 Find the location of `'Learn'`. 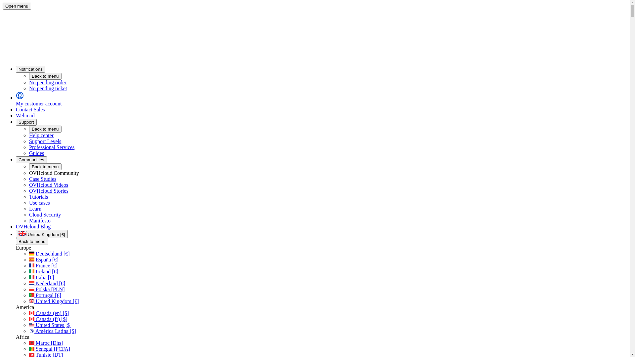

'Learn' is located at coordinates (35, 209).